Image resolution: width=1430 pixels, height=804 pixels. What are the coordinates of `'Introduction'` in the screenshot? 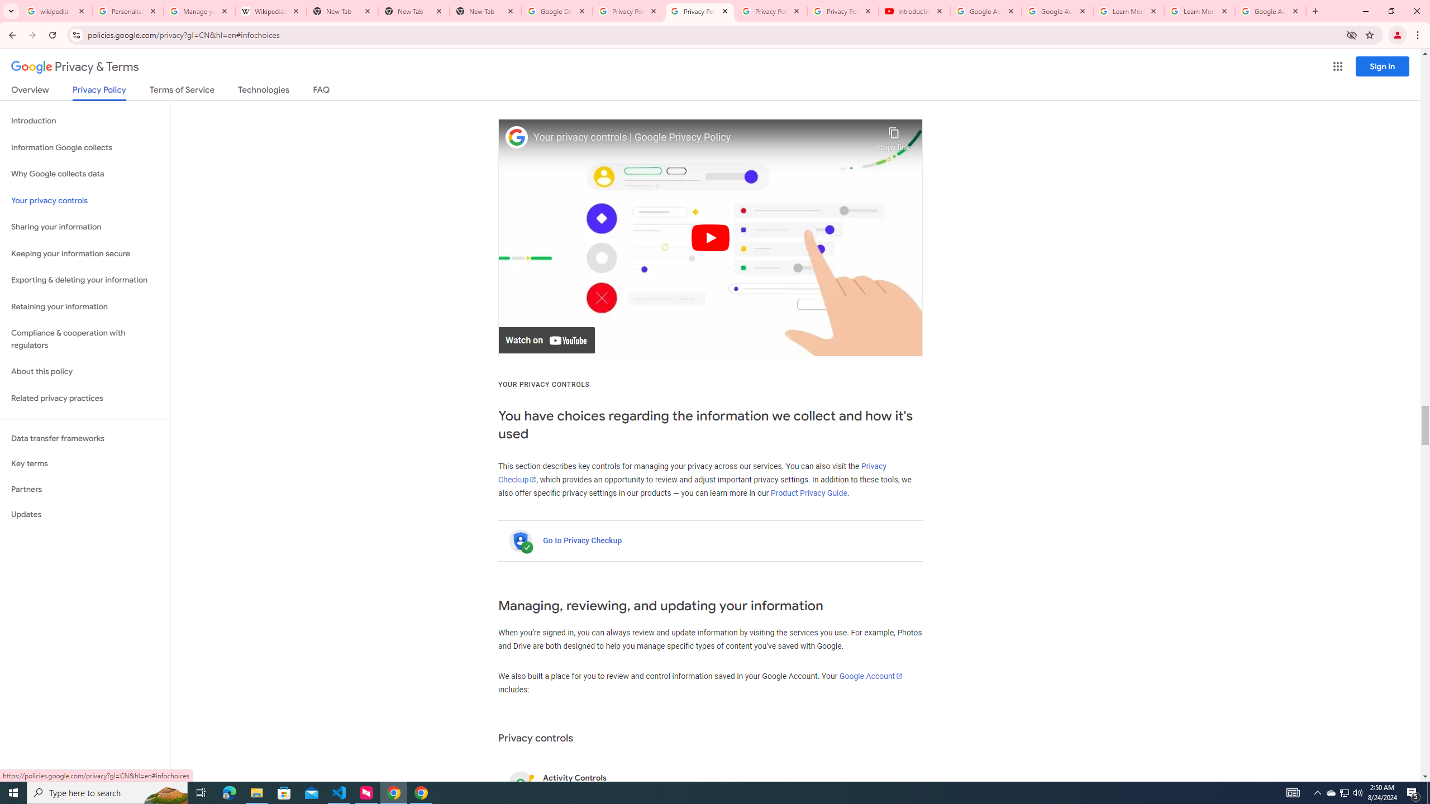 It's located at (84, 120).